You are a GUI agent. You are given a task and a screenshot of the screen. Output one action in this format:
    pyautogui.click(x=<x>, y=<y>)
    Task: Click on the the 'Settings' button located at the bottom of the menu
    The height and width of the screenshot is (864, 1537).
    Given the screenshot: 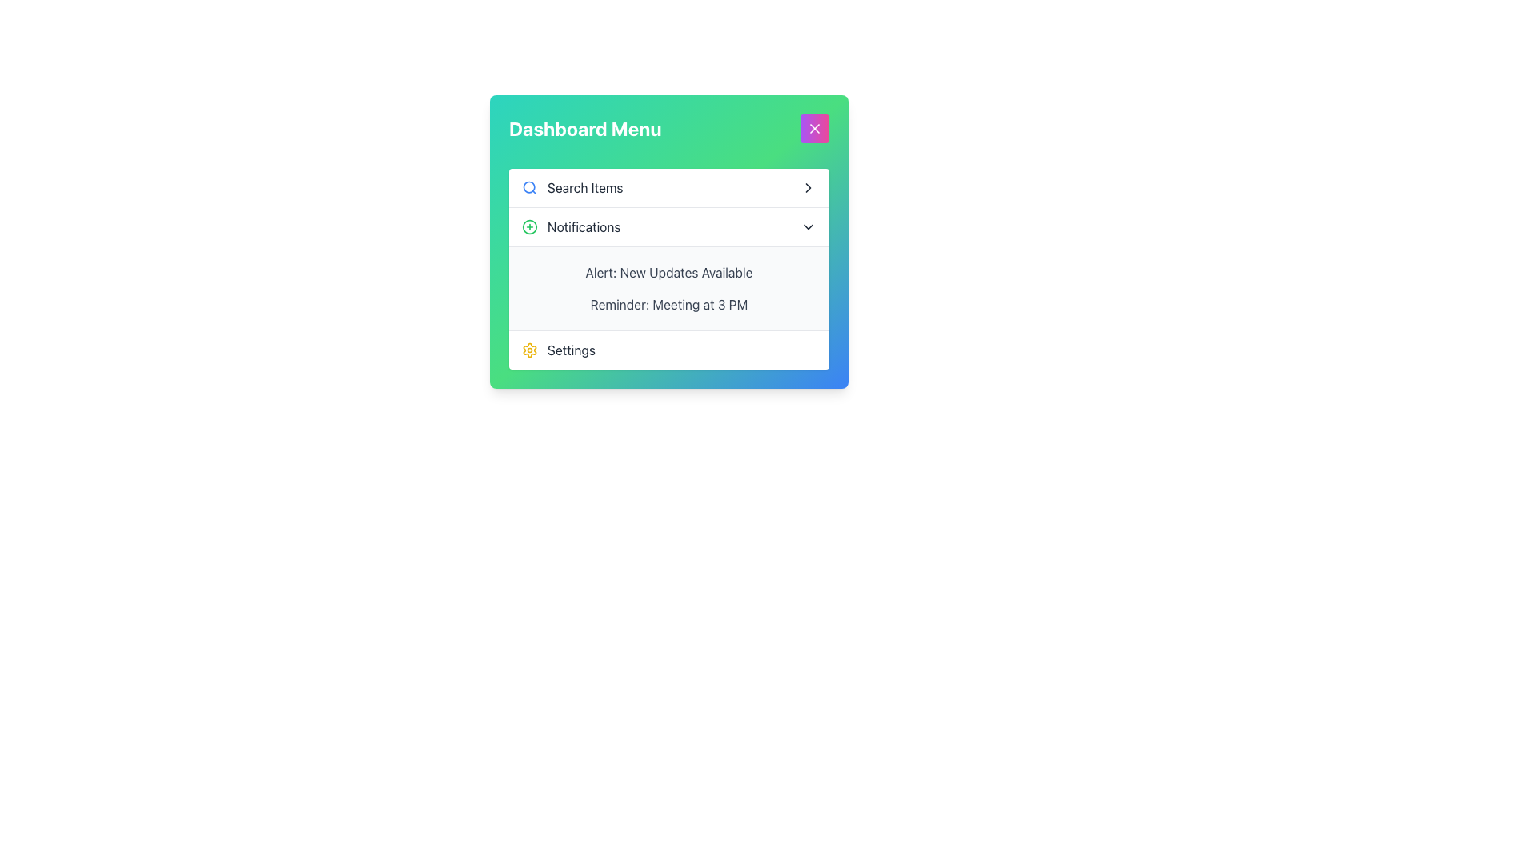 What is the action you would take?
    pyautogui.click(x=668, y=349)
    